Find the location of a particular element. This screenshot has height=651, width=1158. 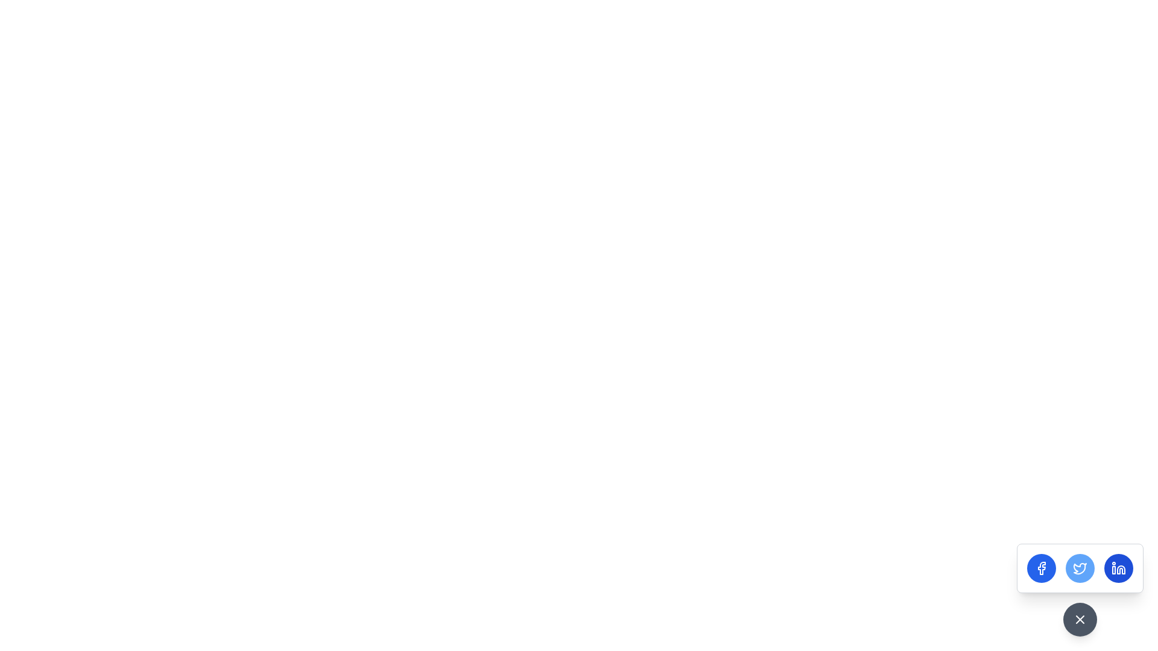

the Twitter icon, which is the second circular icon from the left in a group of four located in the bottom-right corner of the interface is located at coordinates (1080, 568).